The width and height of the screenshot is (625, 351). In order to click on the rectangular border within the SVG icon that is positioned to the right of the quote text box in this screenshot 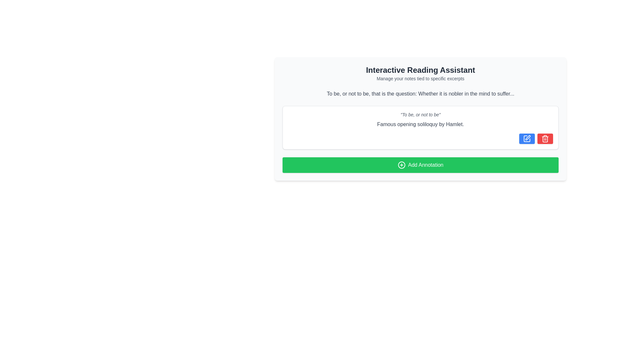, I will do `click(527, 138)`.